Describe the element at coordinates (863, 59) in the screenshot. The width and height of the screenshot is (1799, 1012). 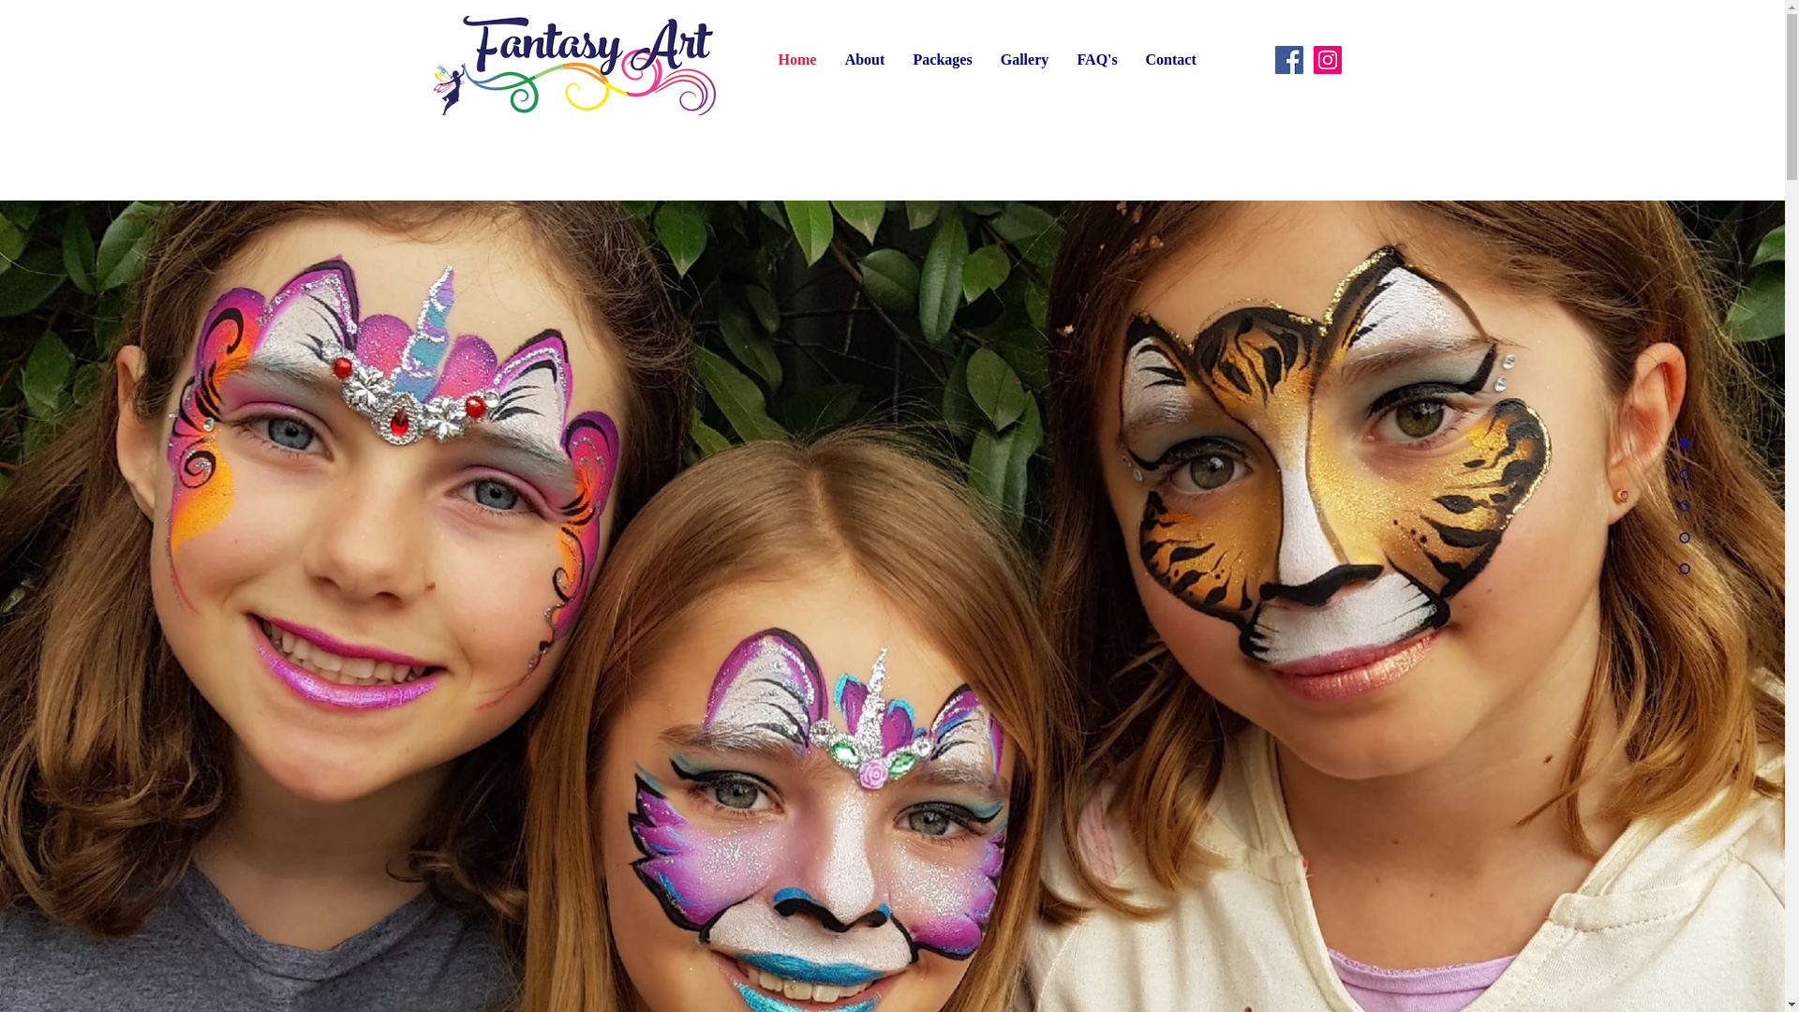
I see `'About'` at that location.